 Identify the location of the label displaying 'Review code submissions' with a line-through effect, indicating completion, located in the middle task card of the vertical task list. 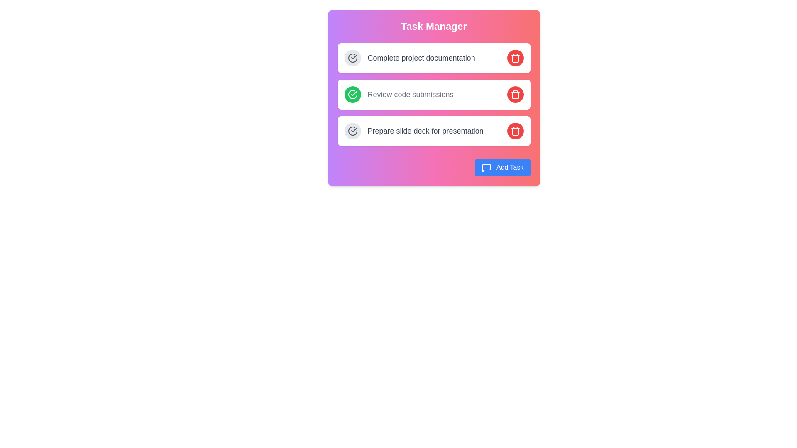
(410, 94).